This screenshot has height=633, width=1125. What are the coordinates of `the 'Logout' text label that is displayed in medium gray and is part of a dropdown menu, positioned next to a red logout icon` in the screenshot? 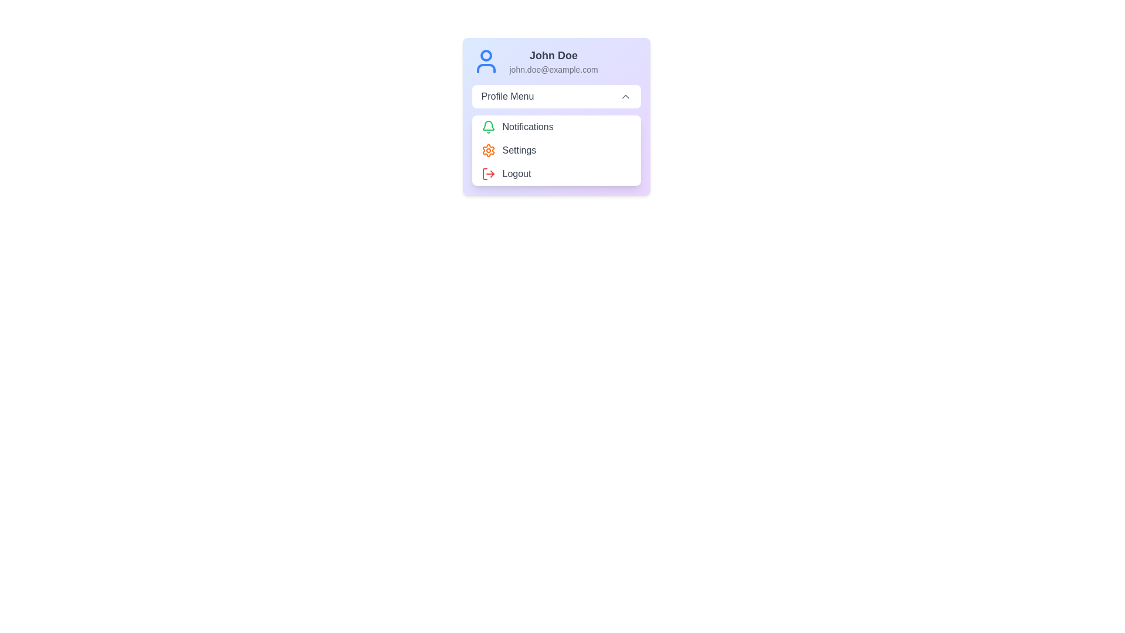 It's located at (516, 174).